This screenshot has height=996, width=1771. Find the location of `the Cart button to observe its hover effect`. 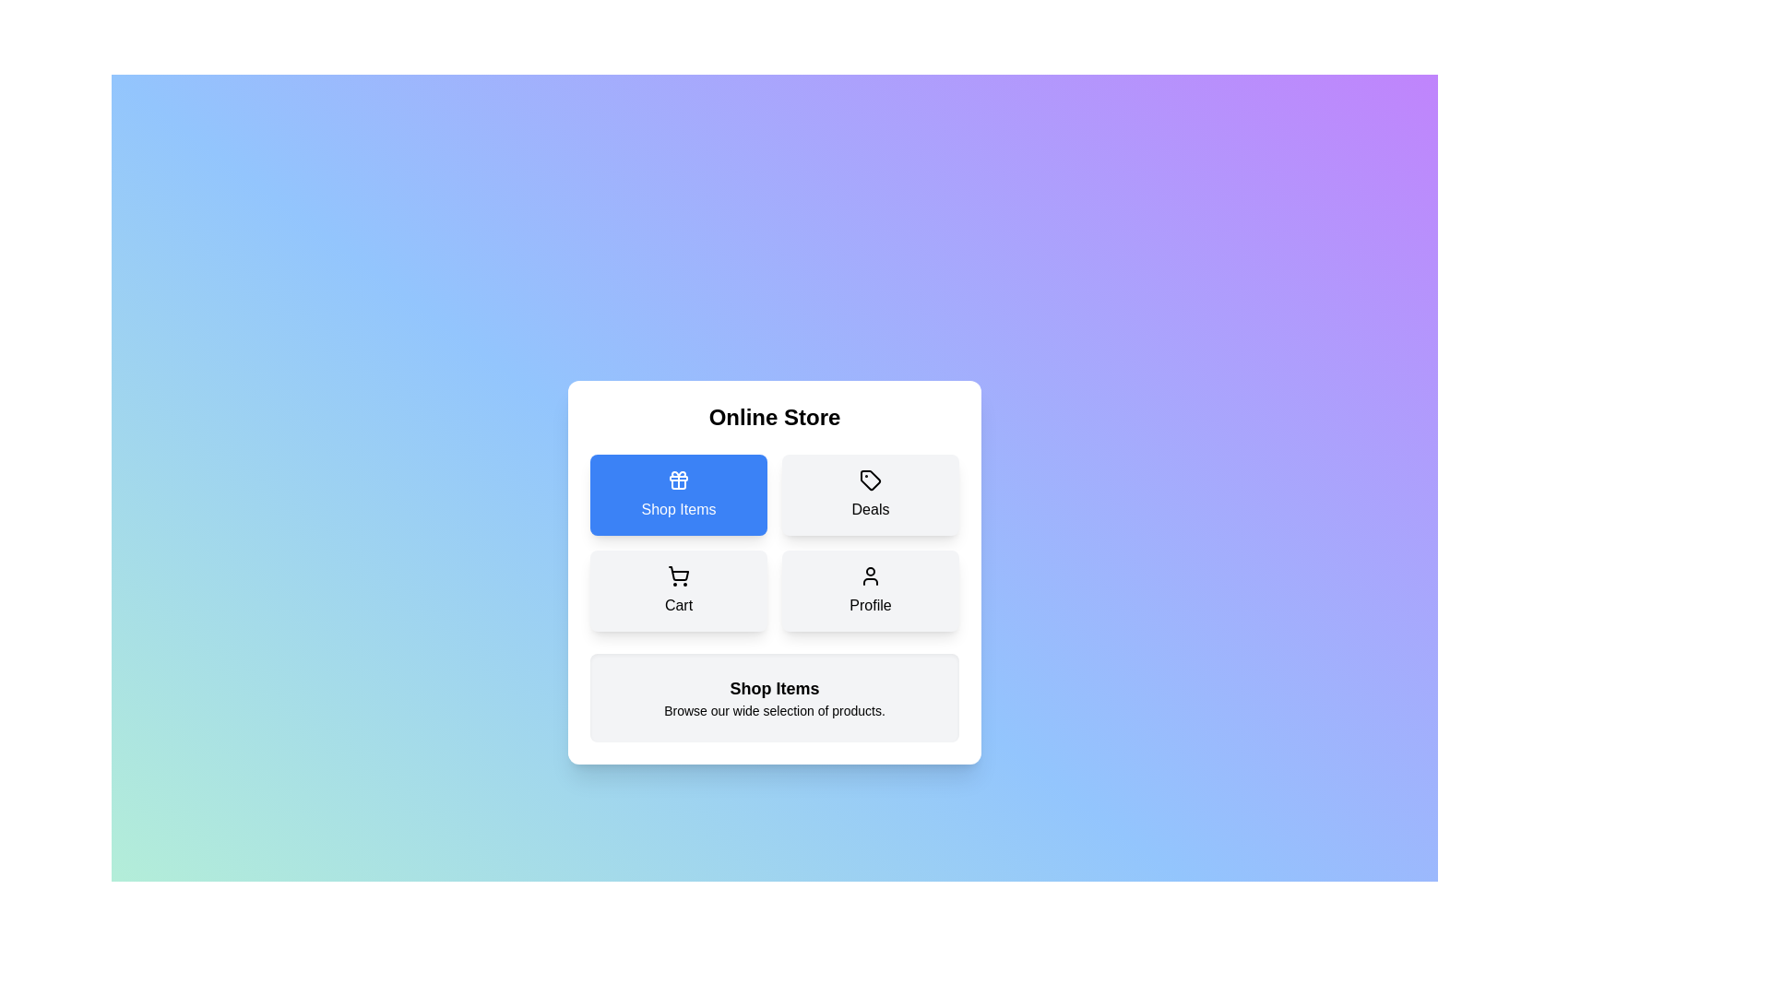

the Cart button to observe its hover effect is located at coordinates (677, 590).